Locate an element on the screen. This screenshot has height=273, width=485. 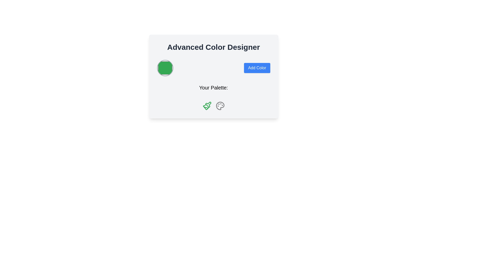
the second icon under the 'Your Palette' section to interact with the color-related tools is located at coordinates (208, 104).